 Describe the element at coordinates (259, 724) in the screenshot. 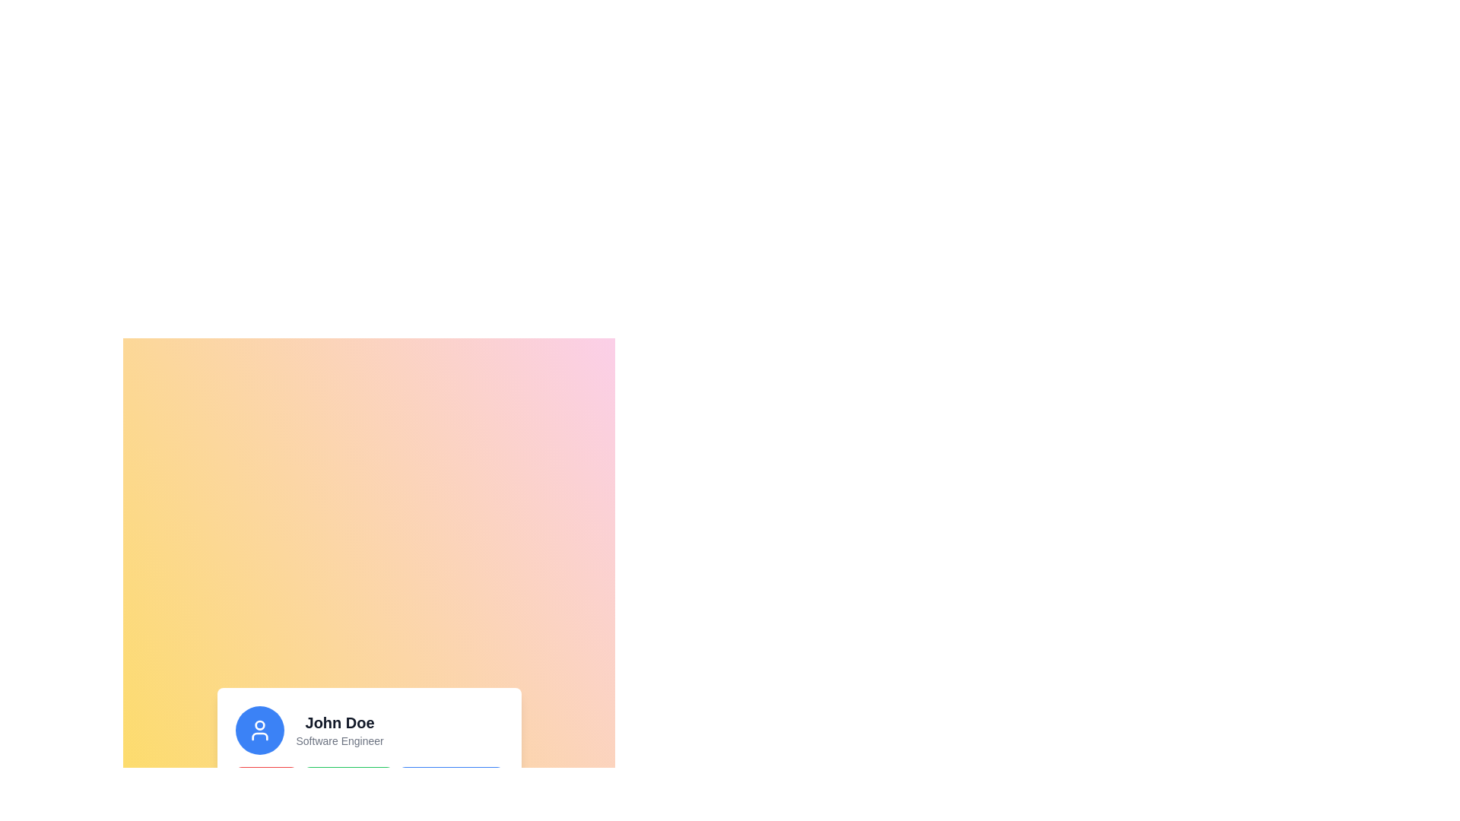

I see `the topmost circular component styled with a blue fill within the user profile icon located in the bottom left quadrant of the interface` at that location.